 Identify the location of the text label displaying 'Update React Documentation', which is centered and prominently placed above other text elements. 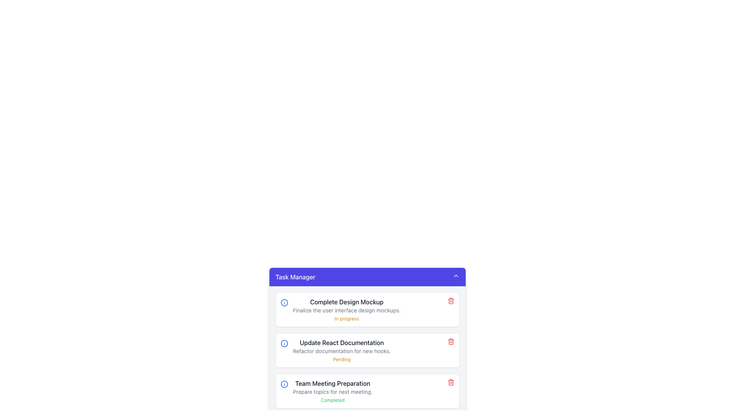
(341, 342).